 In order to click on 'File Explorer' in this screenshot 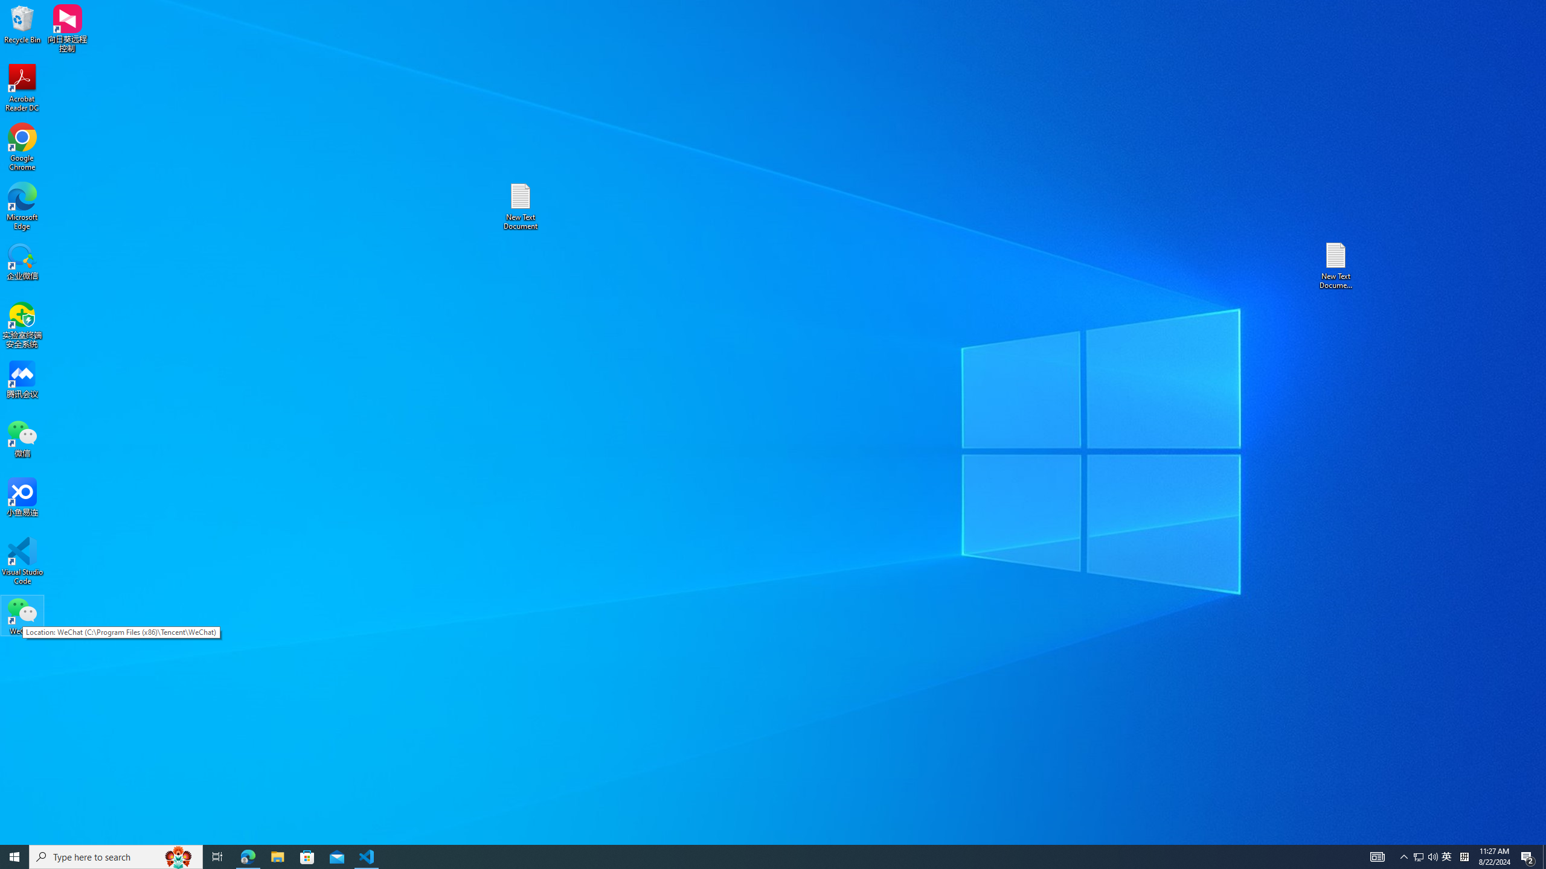, I will do `click(277, 856)`.